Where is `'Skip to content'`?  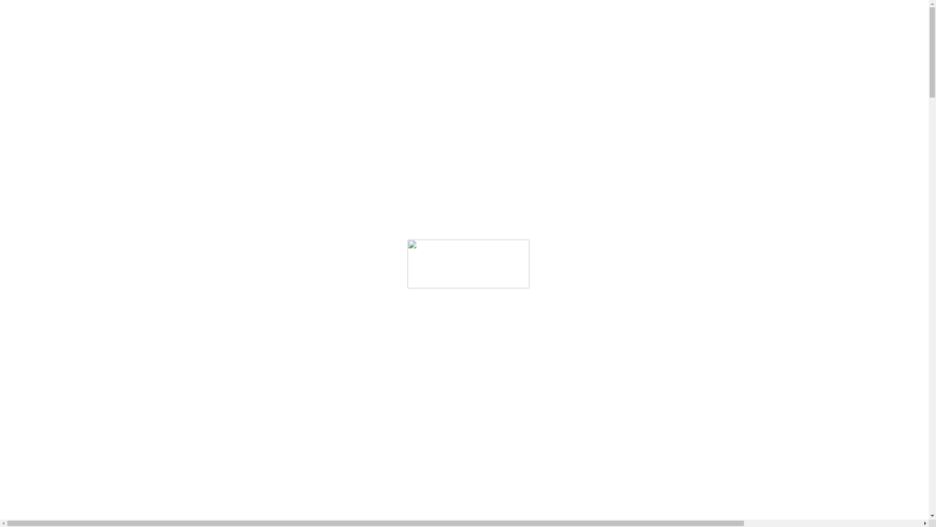
'Skip to content' is located at coordinates (27, 8).